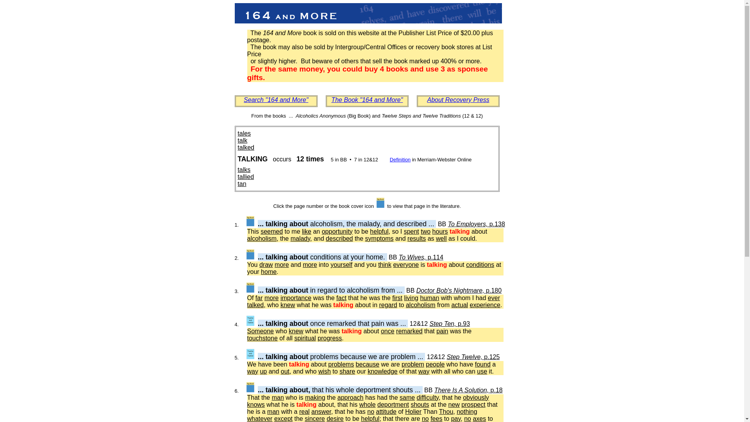 Image resolution: width=750 pixels, height=422 pixels. Describe the element at coordinates (245, 147) in the screenshot. I see `'talked'` at that location.